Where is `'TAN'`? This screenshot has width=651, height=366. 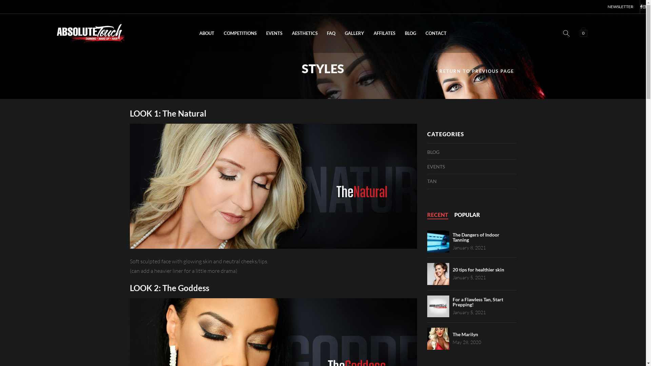
'TAN' is located at coordinates (427, 181).